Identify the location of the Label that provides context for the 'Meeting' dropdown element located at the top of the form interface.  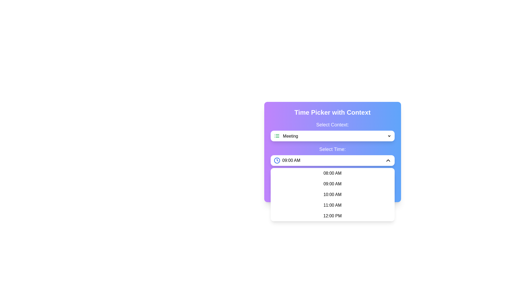
(332, 125).